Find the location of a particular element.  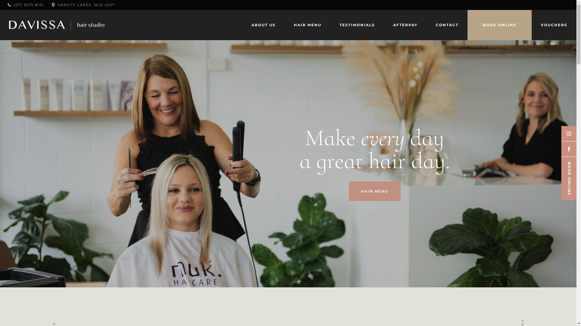

'VOUCHERS' is located at coordinates (554, 25).